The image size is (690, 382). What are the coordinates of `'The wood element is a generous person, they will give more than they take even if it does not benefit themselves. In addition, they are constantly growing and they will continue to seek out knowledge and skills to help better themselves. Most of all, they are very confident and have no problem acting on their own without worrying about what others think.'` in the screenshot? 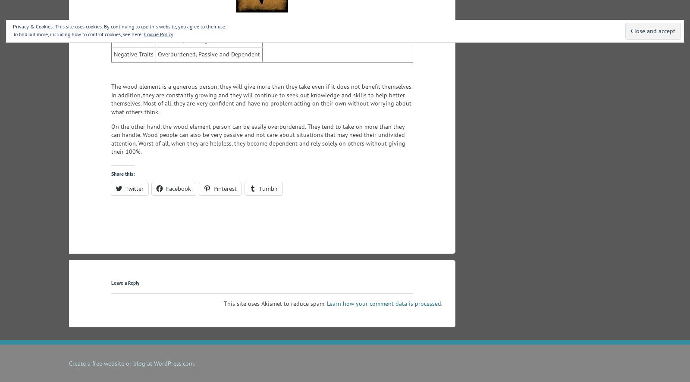 It's located at (262, 99).